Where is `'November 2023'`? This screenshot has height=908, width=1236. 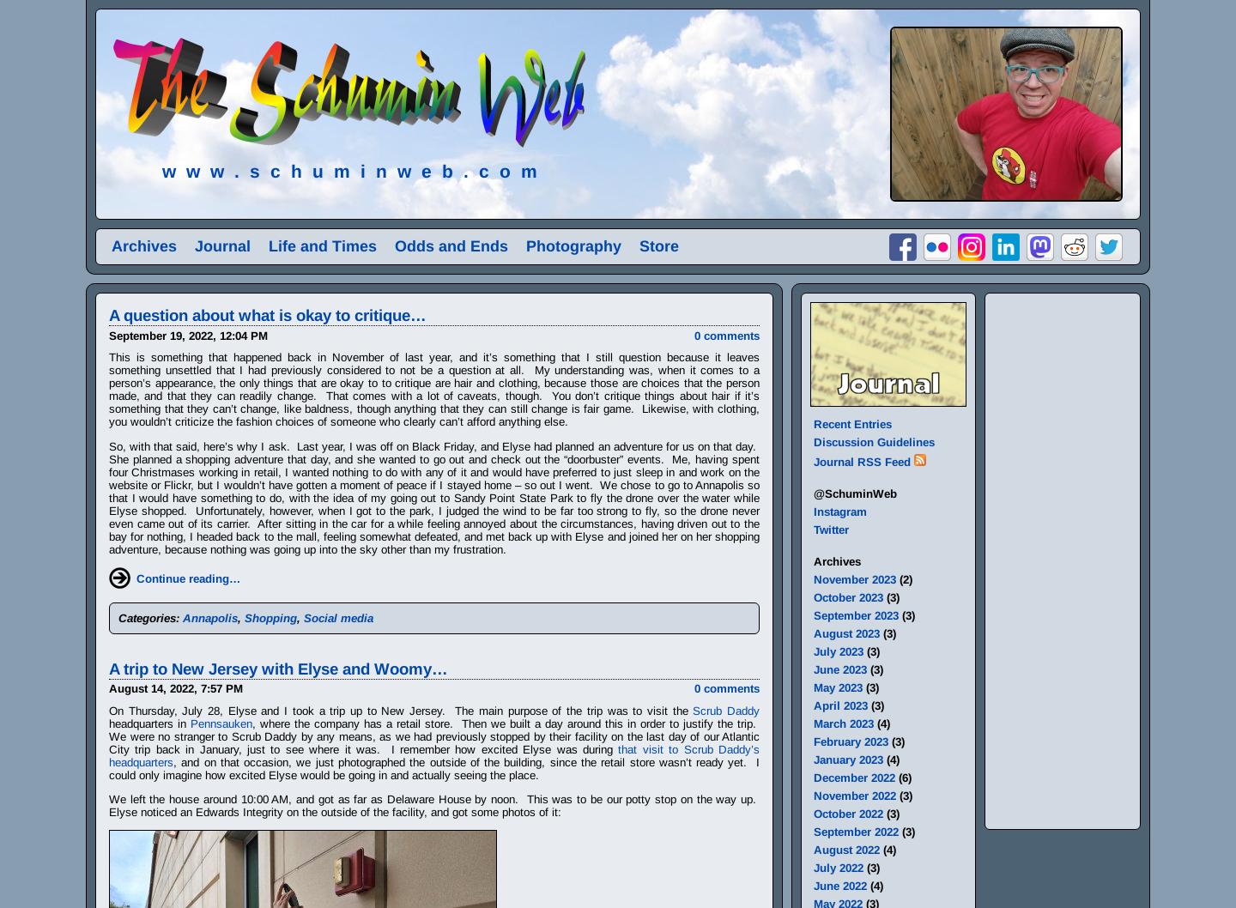 'November 2023' is located at coordinates (854, 578).